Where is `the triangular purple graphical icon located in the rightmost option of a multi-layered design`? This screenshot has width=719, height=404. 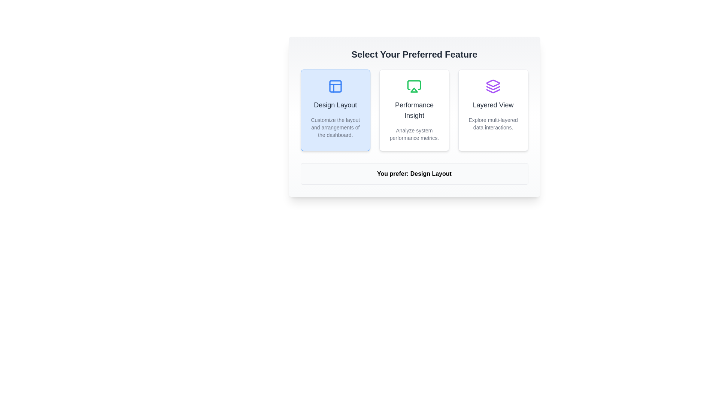
the triangular purple graphical icon located in the rightmost option of a multi-layered design is located at coordinates (493, 91).